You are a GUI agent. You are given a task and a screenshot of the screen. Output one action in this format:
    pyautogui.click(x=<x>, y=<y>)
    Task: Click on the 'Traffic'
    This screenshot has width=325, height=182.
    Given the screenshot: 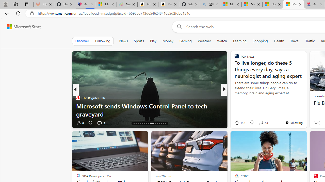 What is the action you would take?
    pyautogui.click(x=310, y=41)
    